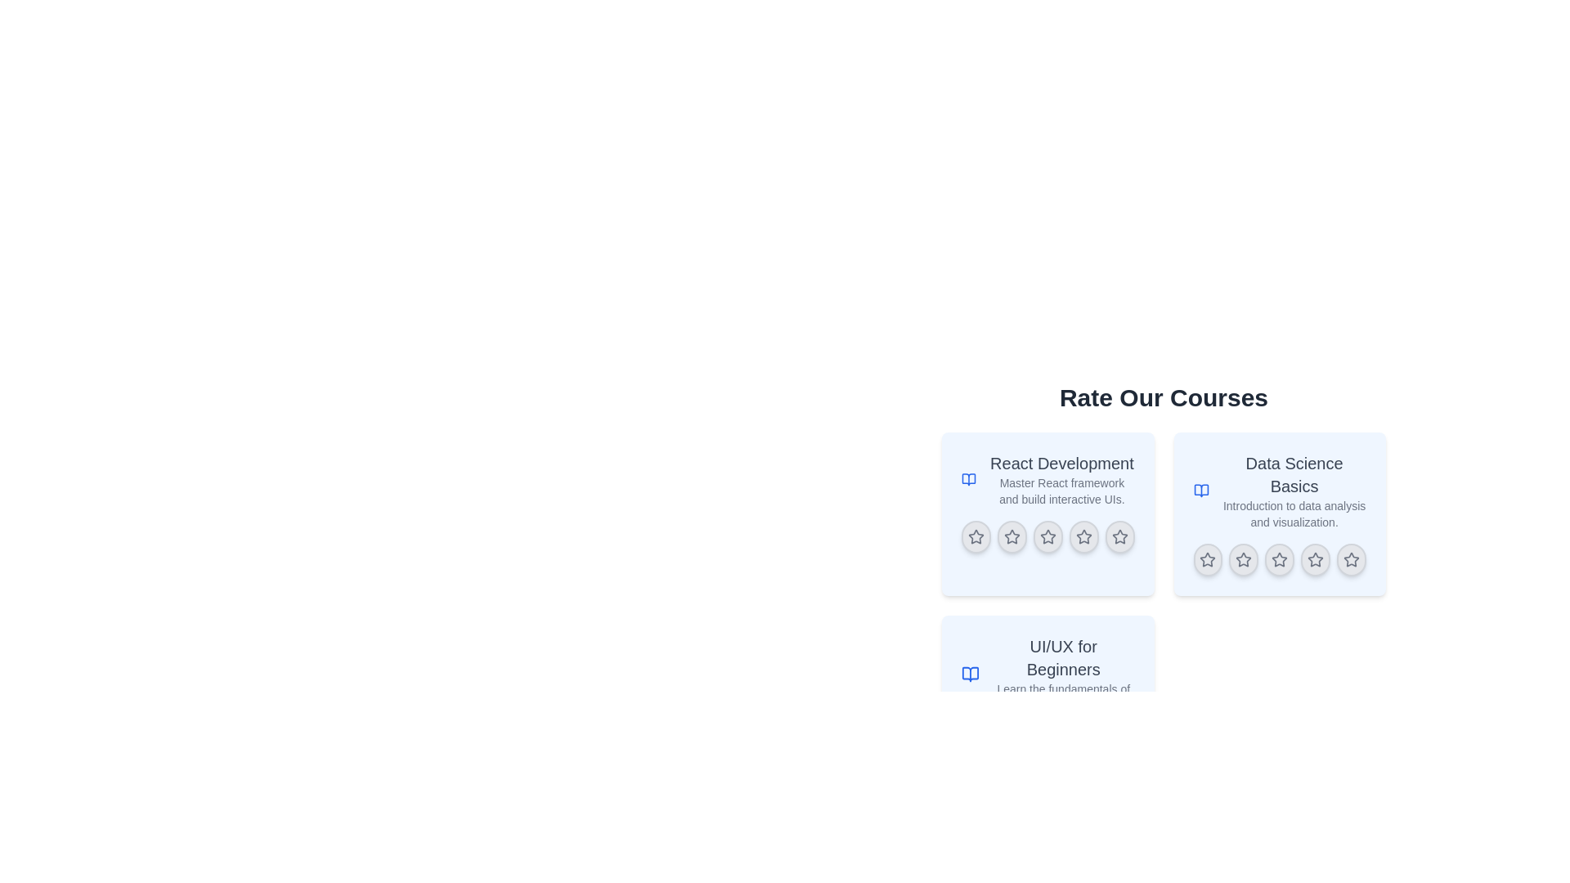  What do you see at coordinates (1083, 536) in the screenshot?
I see `the fourth star-shaped rating icon in the 'React Development' course rating section` at bounding box center [1083, 536].